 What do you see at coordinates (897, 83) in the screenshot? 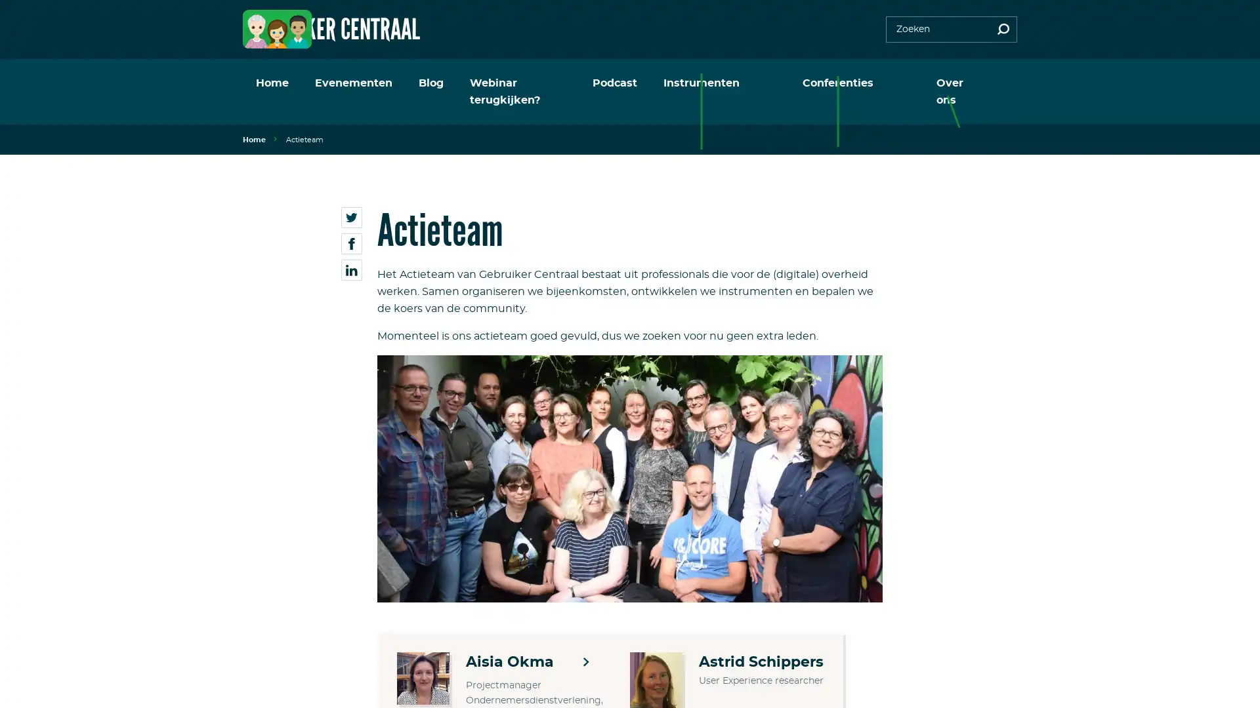
I see `Toon submenu voor Conferenties` at bounding box center [897, 83].